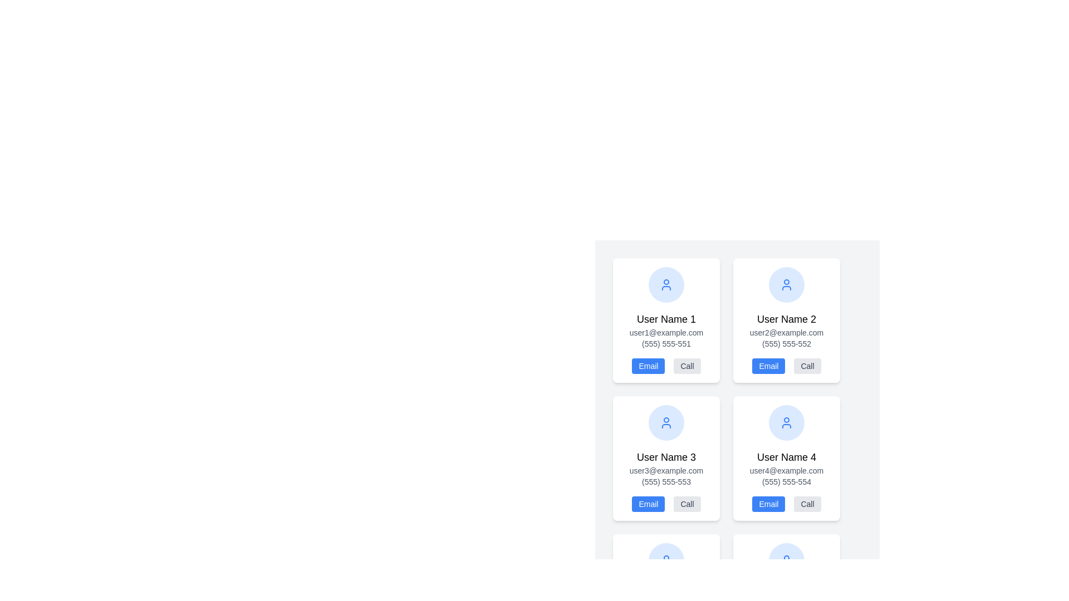 The width and height of the screenshot is (1069, 601). Describe the element at coordinates (666, 504) in the screenshot. I see `the 'Email' button in the Button Group located at the bottom of the user card for 'User Name 3' to initiate email composition` at that location.